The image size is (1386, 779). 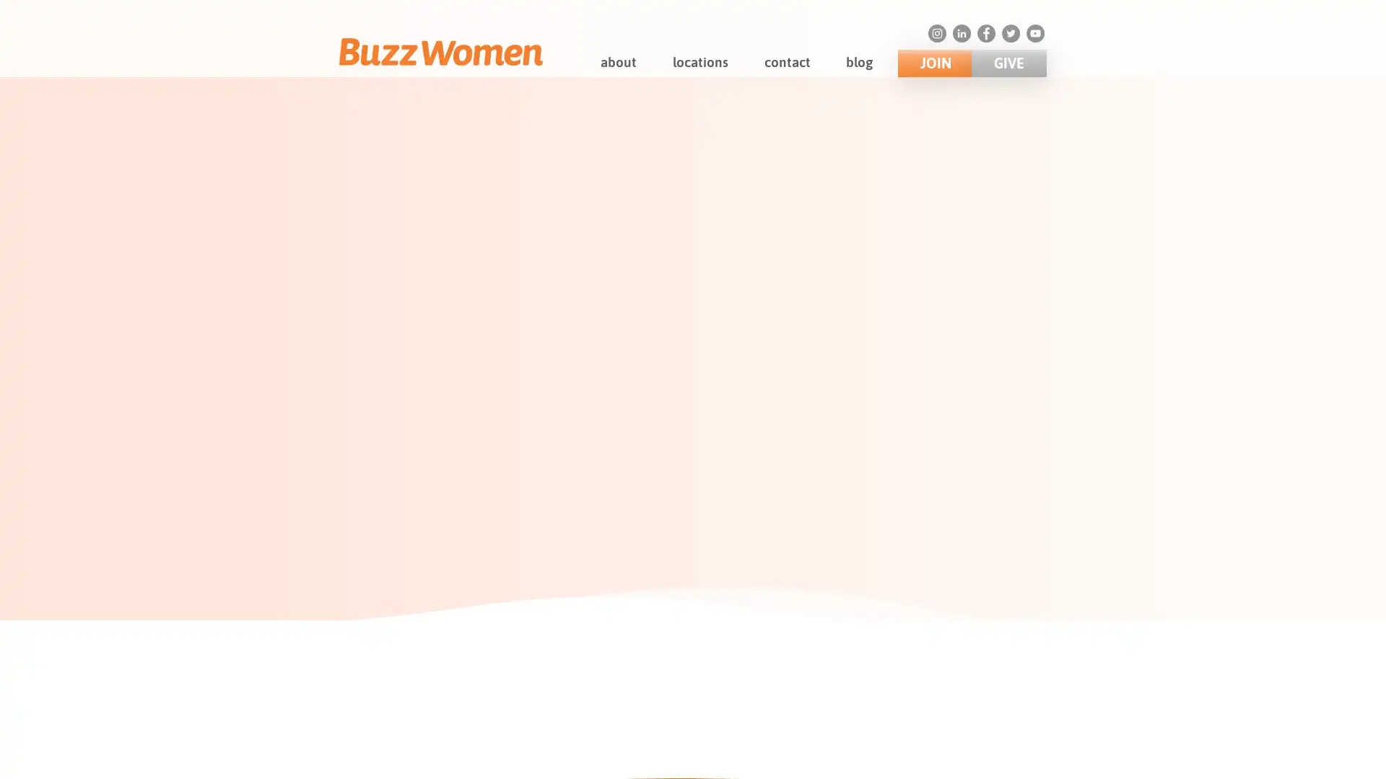 What do you see at coordinates (1248, 755) in the screenshot?
I see `Decline All` at bounding box center [1248, 755].